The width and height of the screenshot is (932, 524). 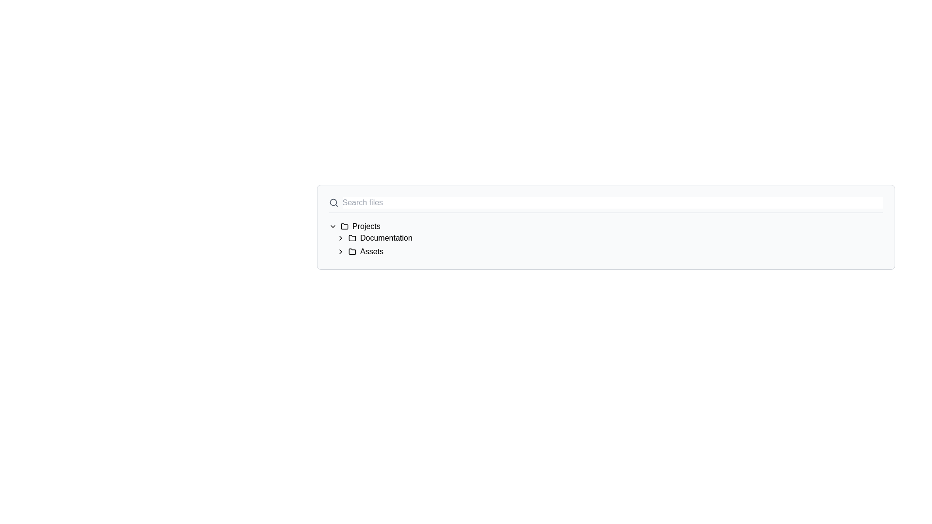 What do you see at coordinates (345, 226) in the screenshot?
I see `the folder icon representing the 'Projects' directory on the left-hand side of the interface` at bounding box center [345, 226].